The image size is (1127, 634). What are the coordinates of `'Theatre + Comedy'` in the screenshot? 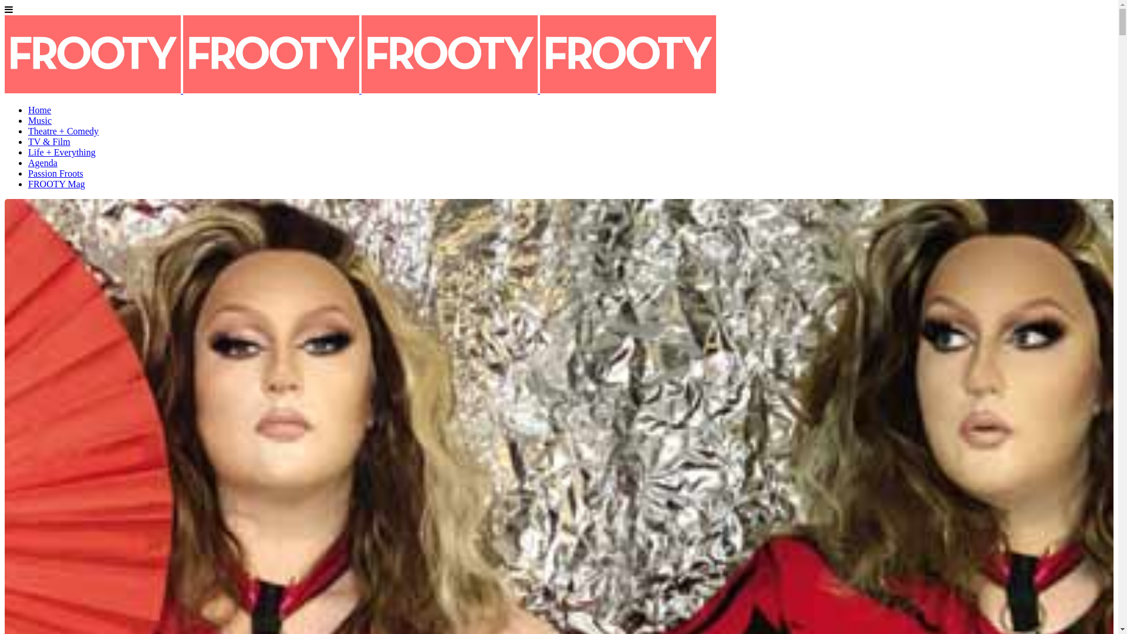 It's located at (62, 131).